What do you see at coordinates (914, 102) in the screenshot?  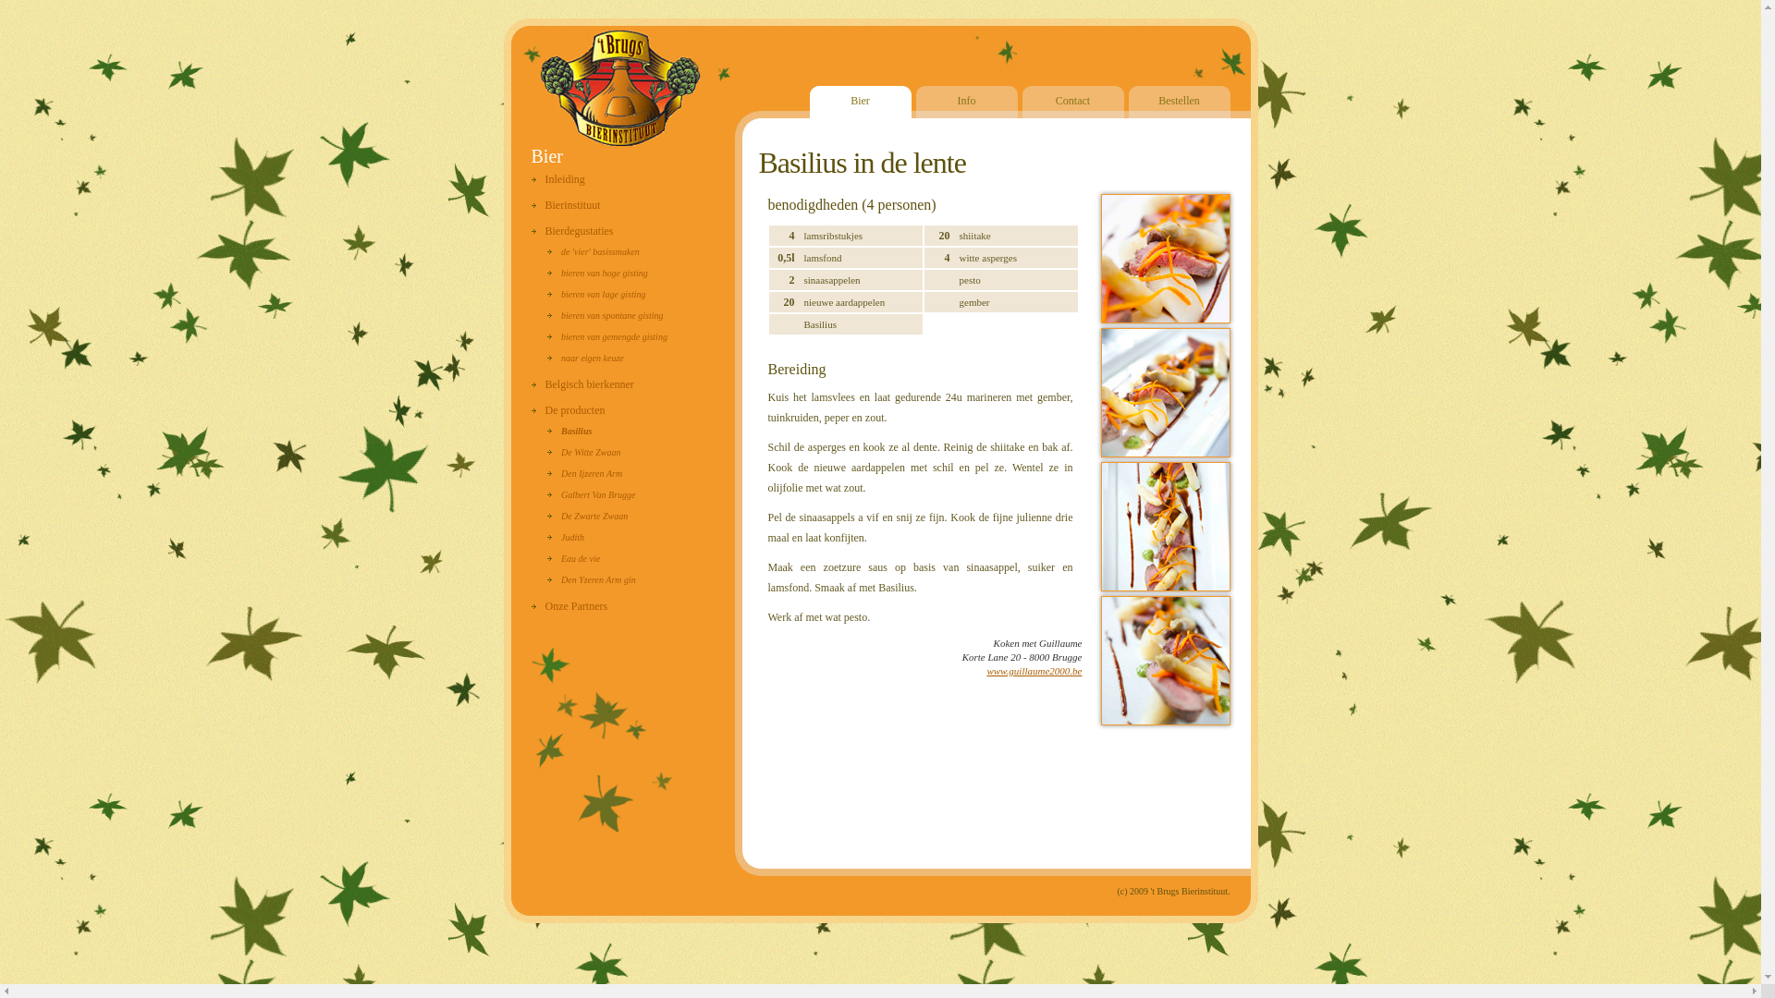 I see `'Info'` at bounding box center [914, 102].